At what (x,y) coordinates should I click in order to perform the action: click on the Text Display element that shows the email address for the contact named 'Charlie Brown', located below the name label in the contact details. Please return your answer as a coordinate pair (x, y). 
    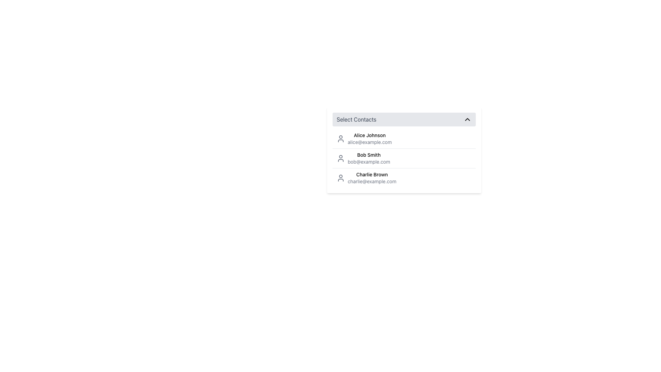
    Looking at the image, I should click on (371, 181).